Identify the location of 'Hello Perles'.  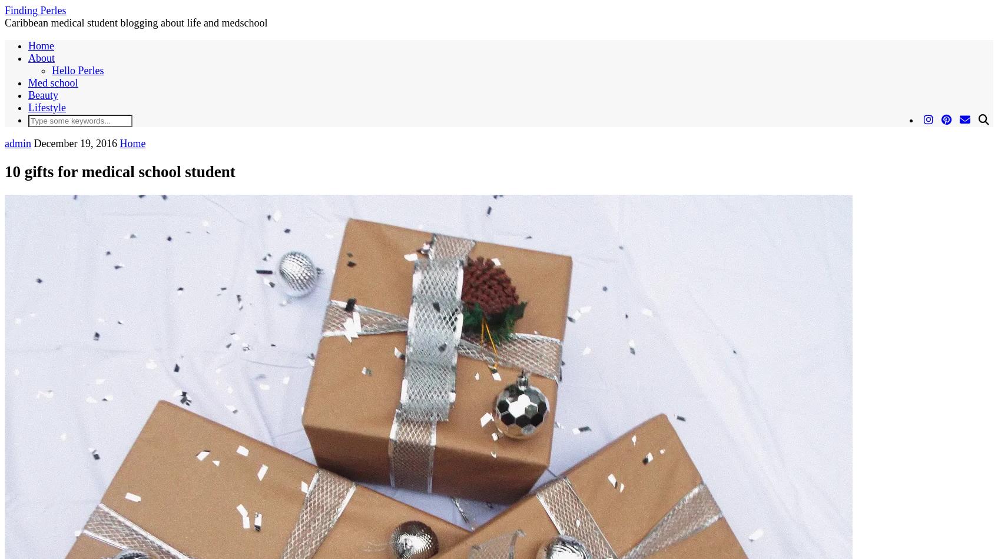
(78, 70).